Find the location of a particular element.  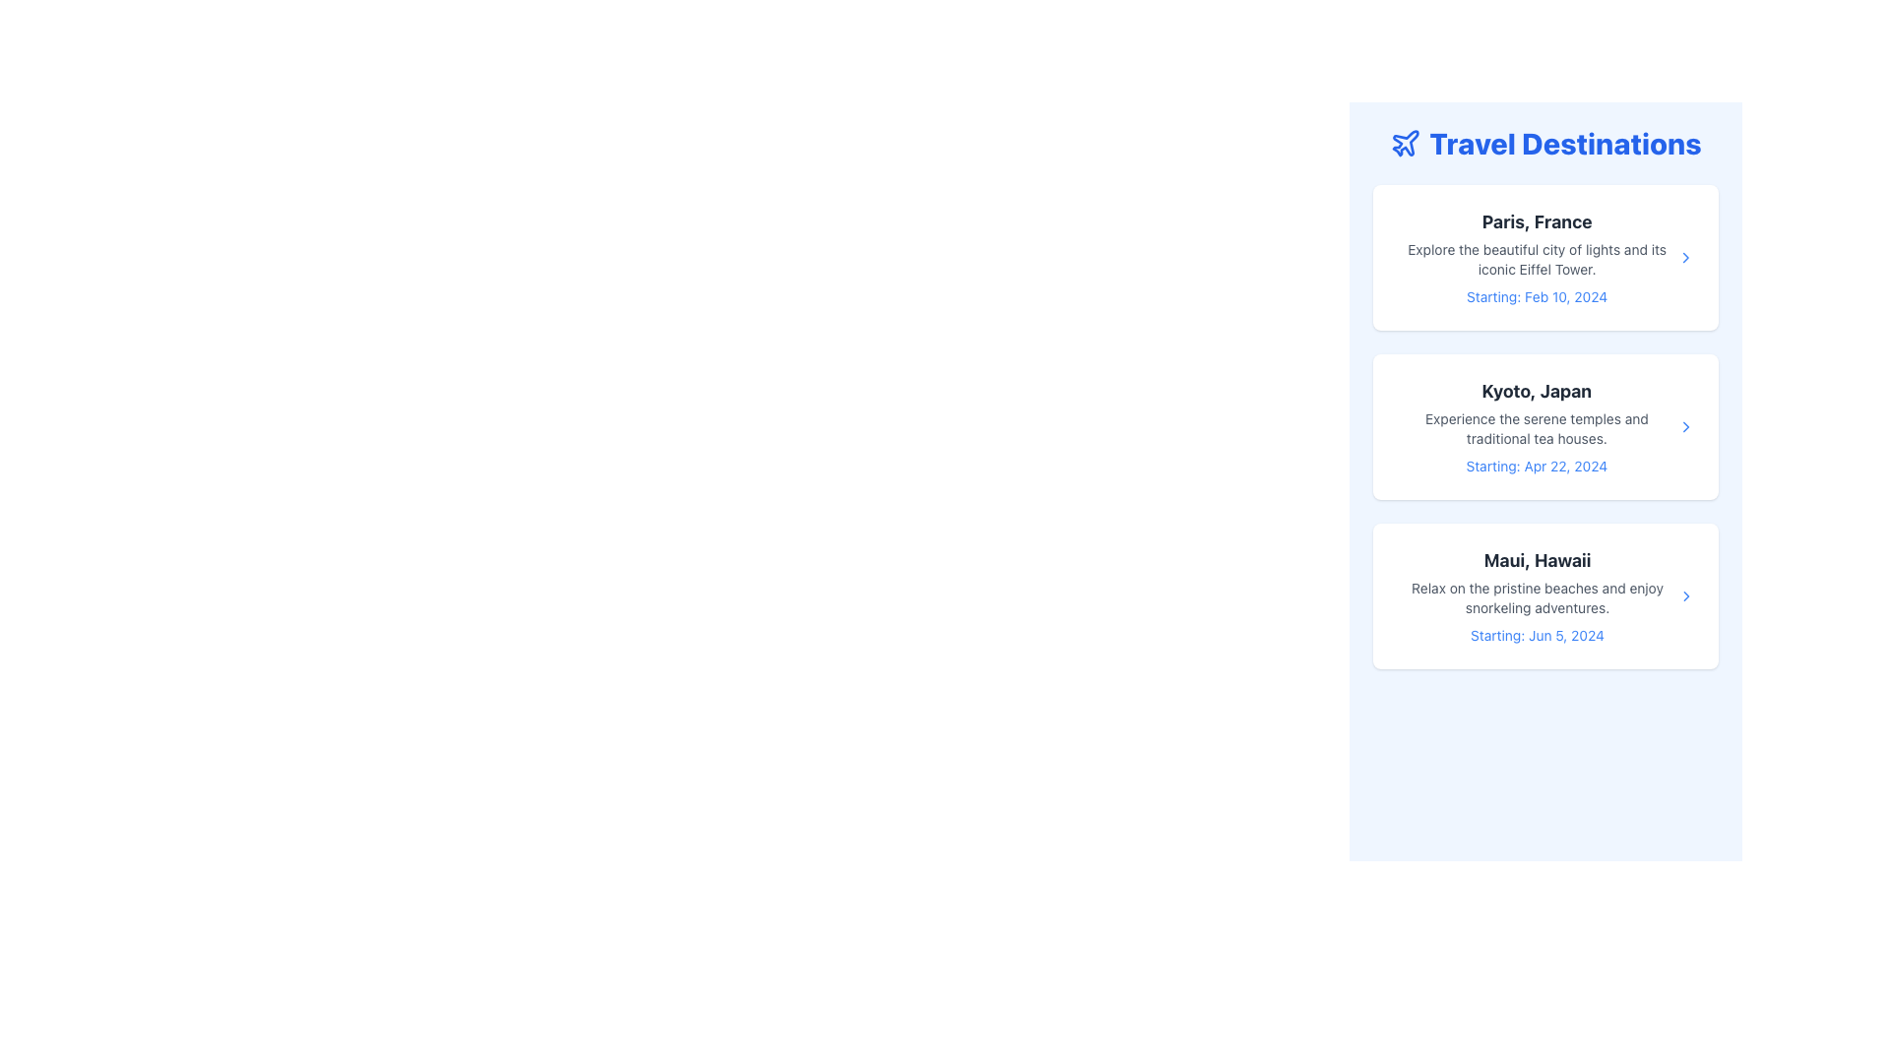

the bolded text element displaying 'Paris, France' is located at coordinates (1536, 221).